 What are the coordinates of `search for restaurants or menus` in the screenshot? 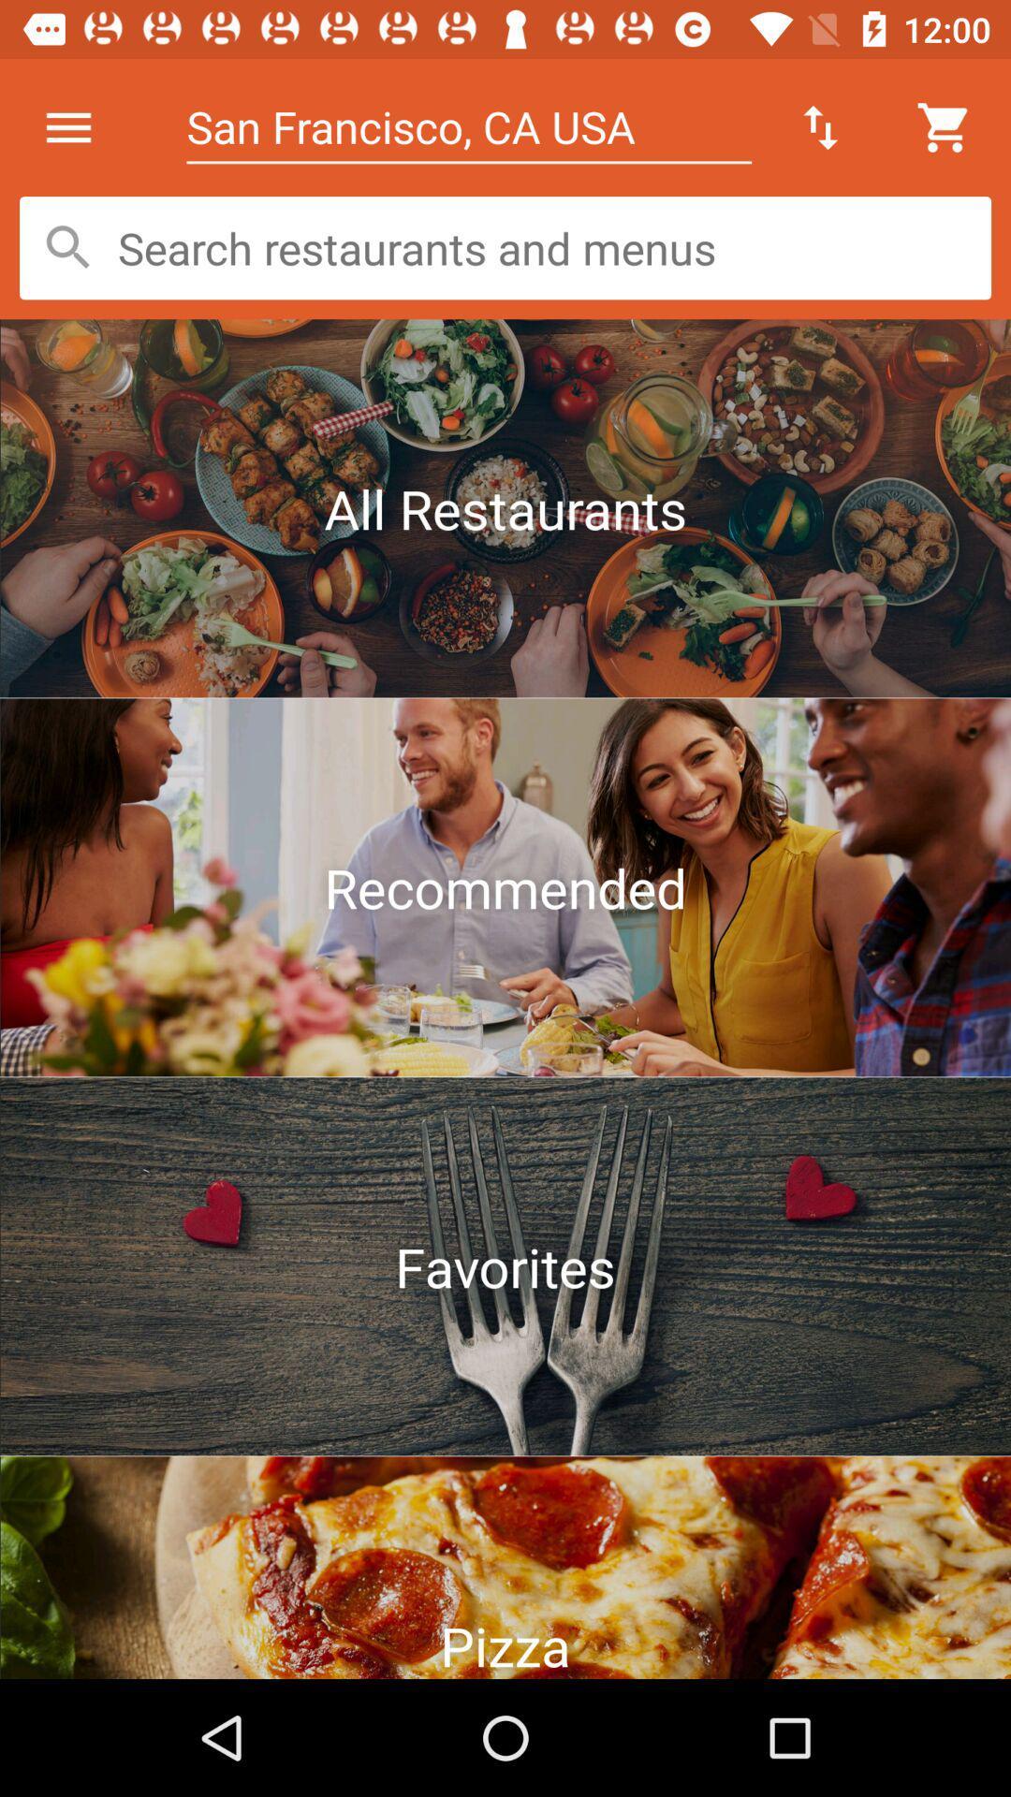 It's located at (505, 247).